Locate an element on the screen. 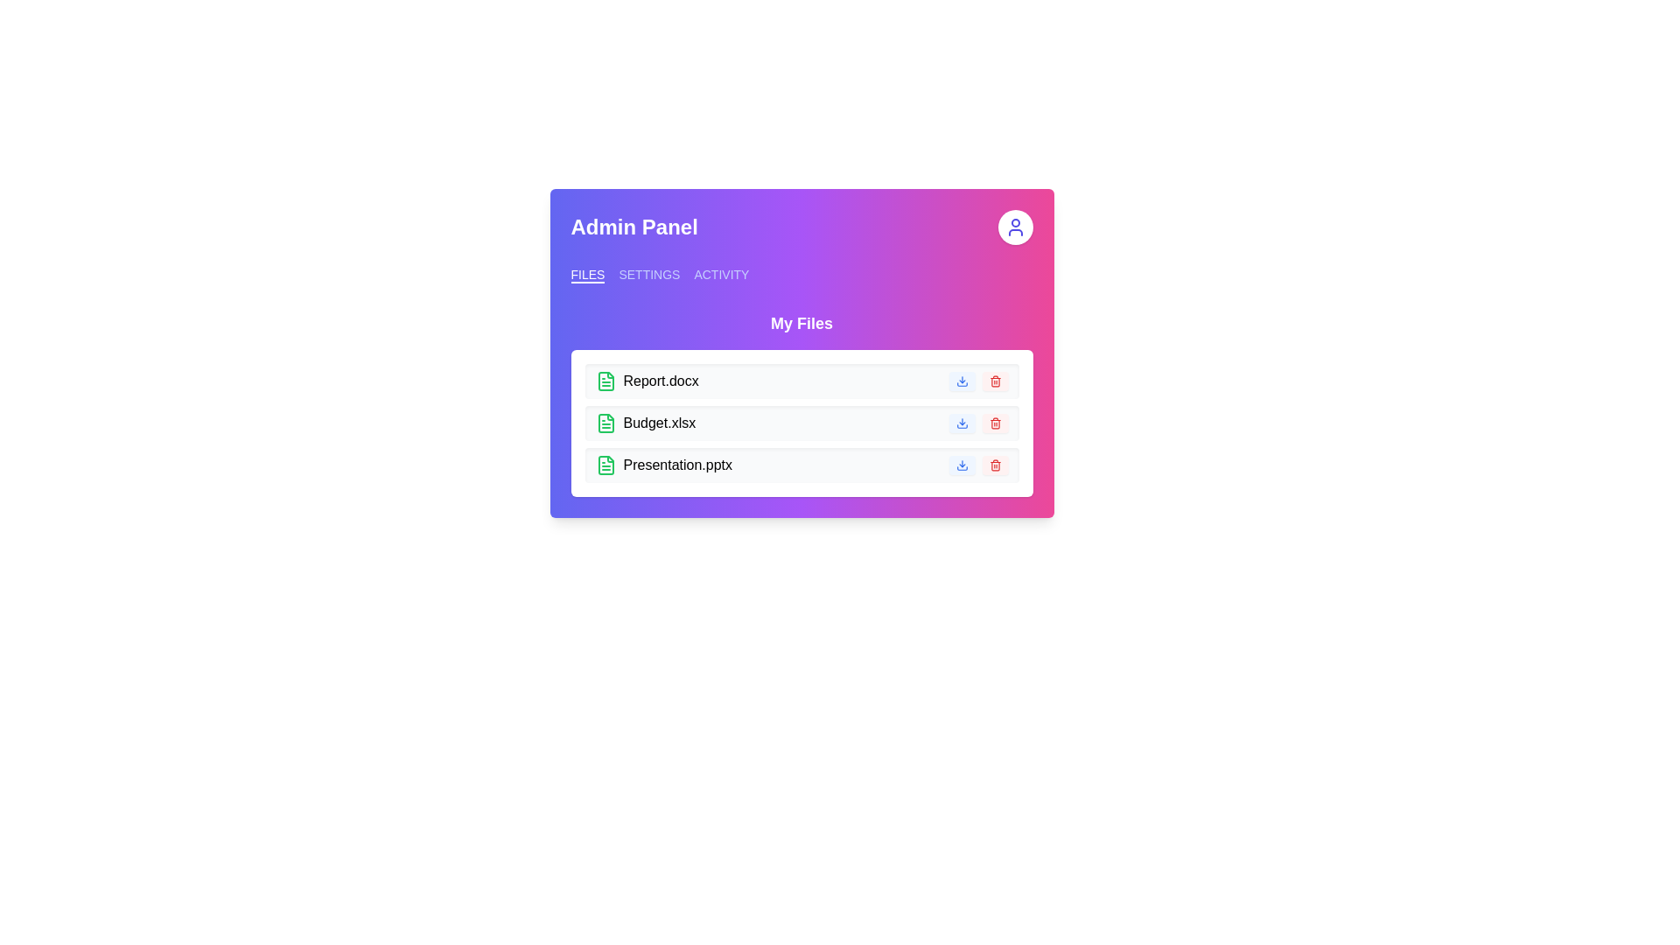 This screenshot has height=945, width=1680. the icon representing the presentation file located at the far left of the row containing the text label 'Presentation.pptx' on the third line of the file list is located at coordinates (605, 465).